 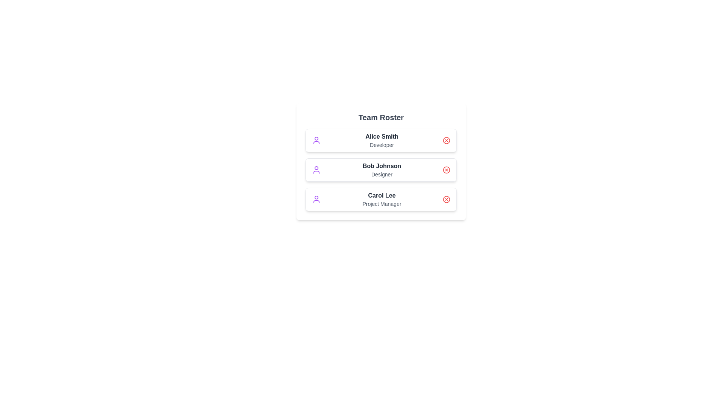 I want to click on the remove button for the user Bob Johnson, so click(x=446, y=170).